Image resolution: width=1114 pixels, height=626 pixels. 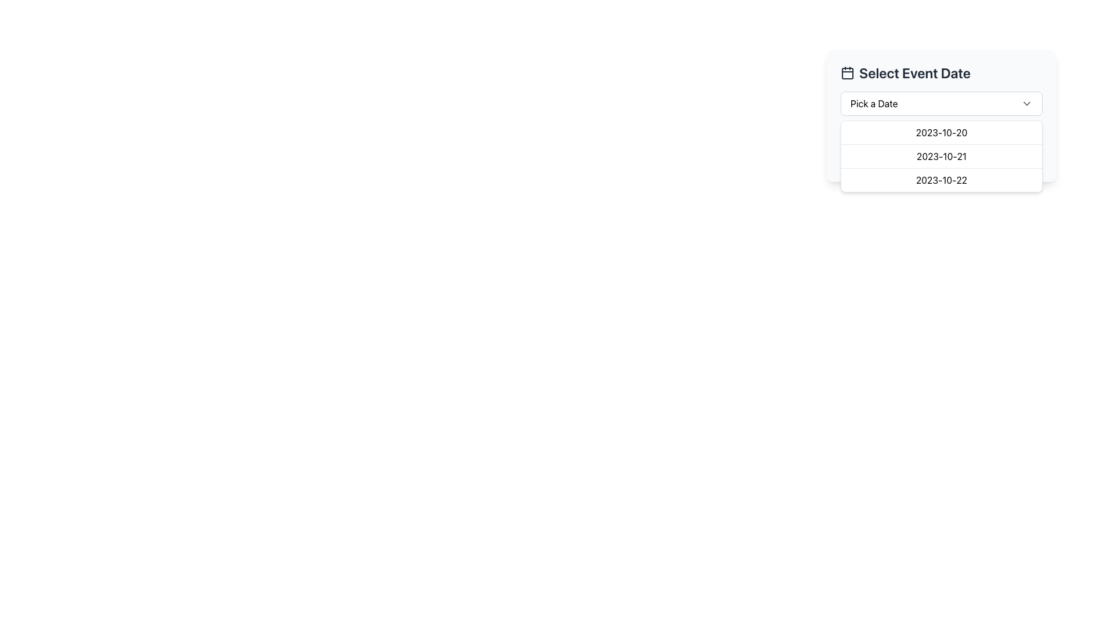 What do you see at coordinates (941, 180) in the screenshot?
I see `the dropdown menu item displaying the date '2023-10-22', which is the third item in a vertical list within a dropdown structure` at bounding box center [941, 180].